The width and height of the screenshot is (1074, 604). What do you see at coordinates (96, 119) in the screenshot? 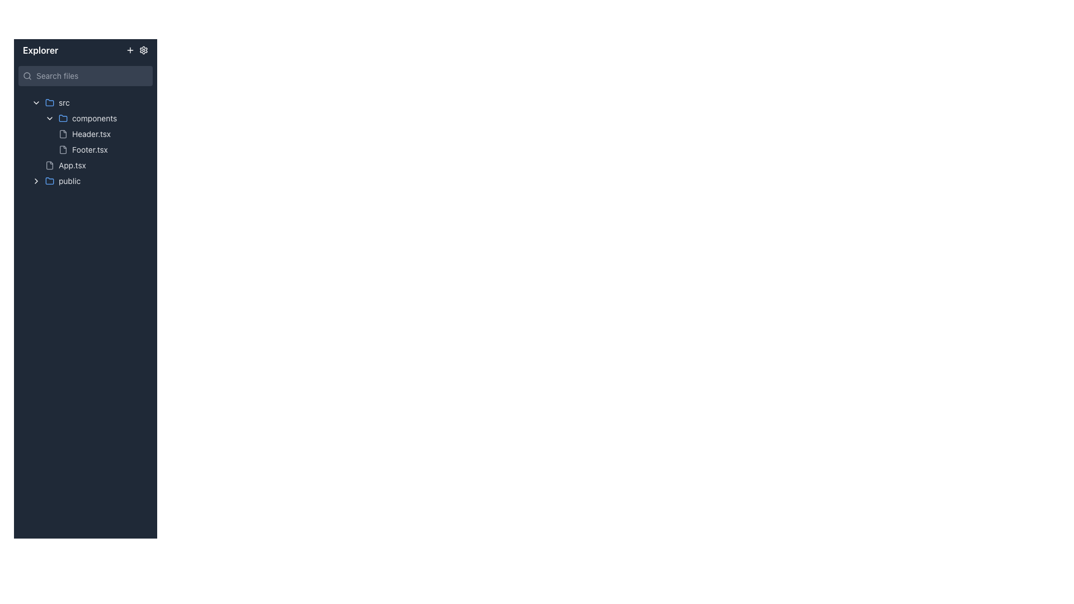
I see `the collapsible folder item labeled 'components' in the left navigation panel` at bounding box center [96, 119].